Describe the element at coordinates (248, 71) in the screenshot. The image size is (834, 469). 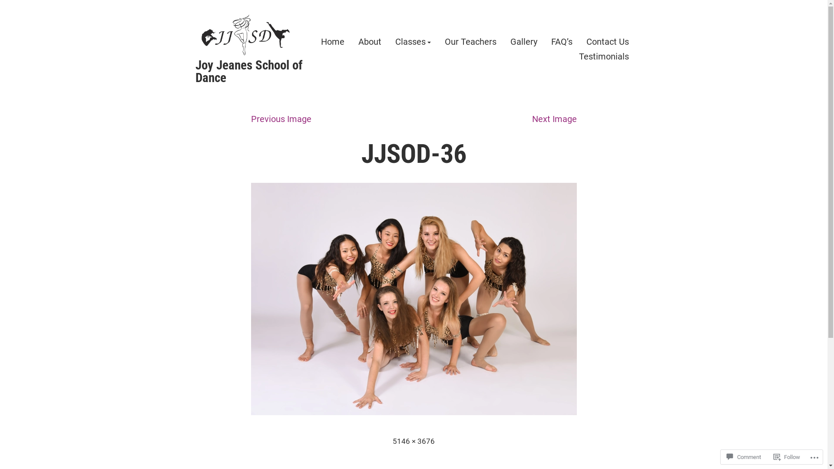
I see `'Joy Jeanes School of Dance'` at that location.